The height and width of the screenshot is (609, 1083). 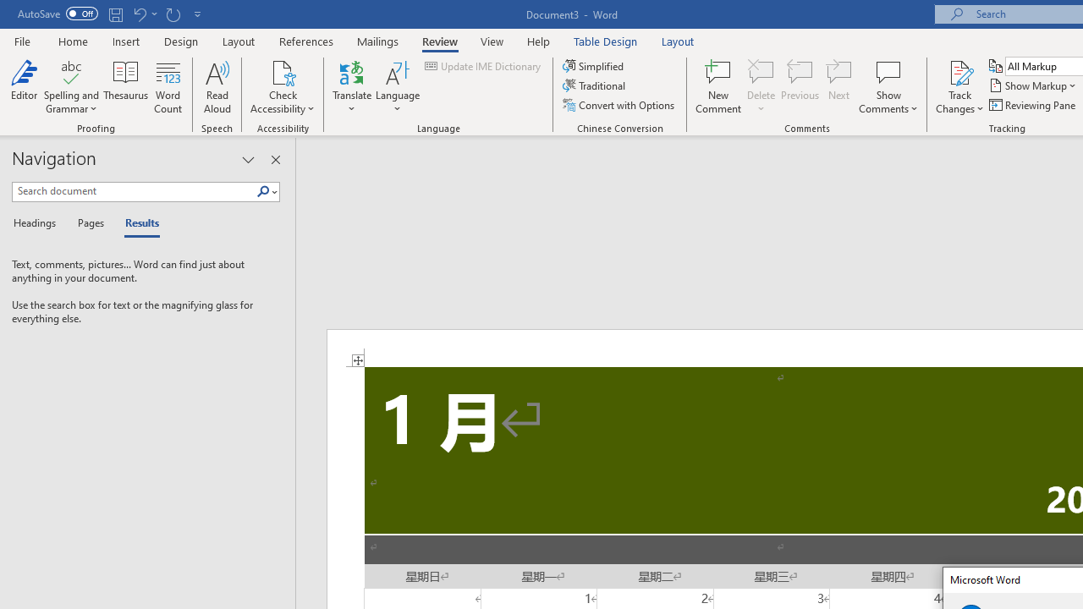 I want to click on 'Convert with Options...', so click(x=618, y=105).